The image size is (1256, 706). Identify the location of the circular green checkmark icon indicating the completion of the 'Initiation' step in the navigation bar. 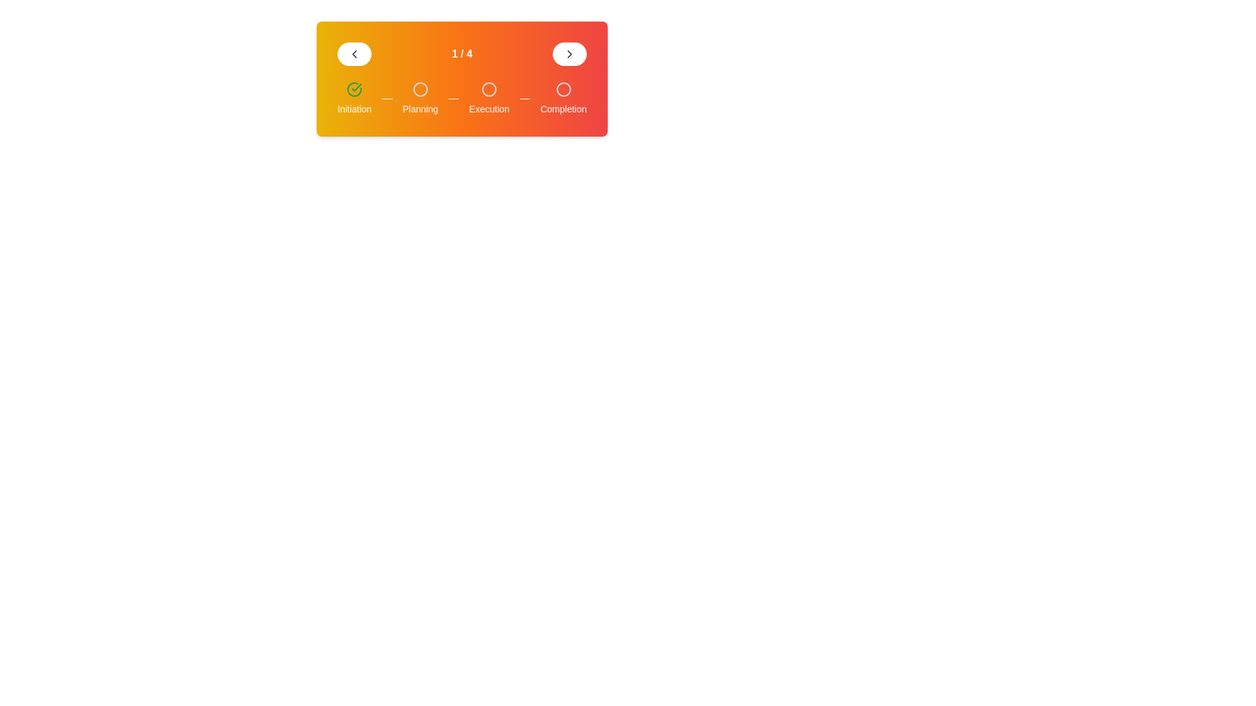
(355, 89).